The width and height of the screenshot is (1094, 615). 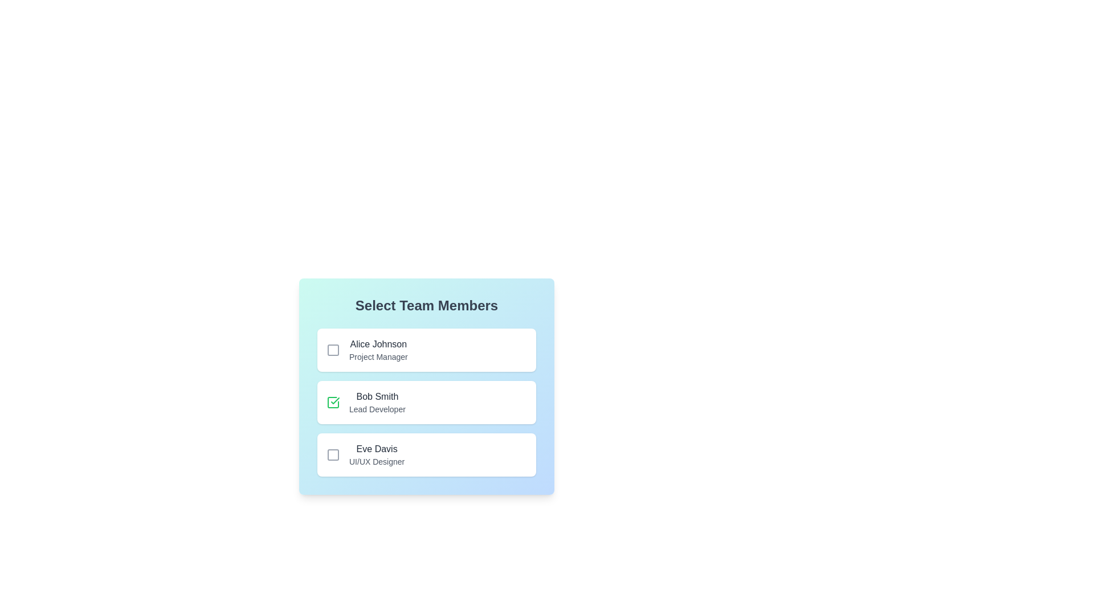 What do you see at coordinates (333, 454) in the screenshot?
I see `the square icon with a gray border and central dot located under the text 'Eve Davis' and 'UI/UX Designer'` at bounding box center [333, 454].